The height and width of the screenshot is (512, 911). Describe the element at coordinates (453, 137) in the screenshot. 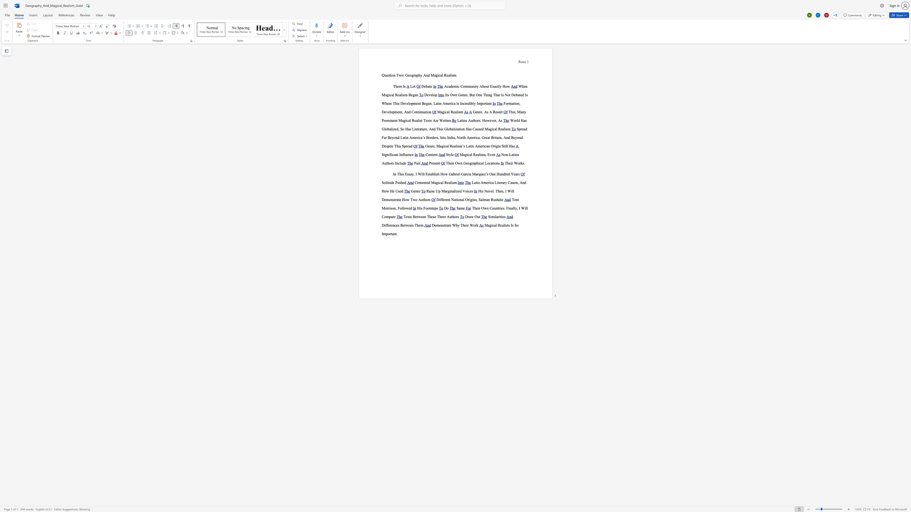

I see `the space between the continuous character "i" and "a" in the text` at that location.